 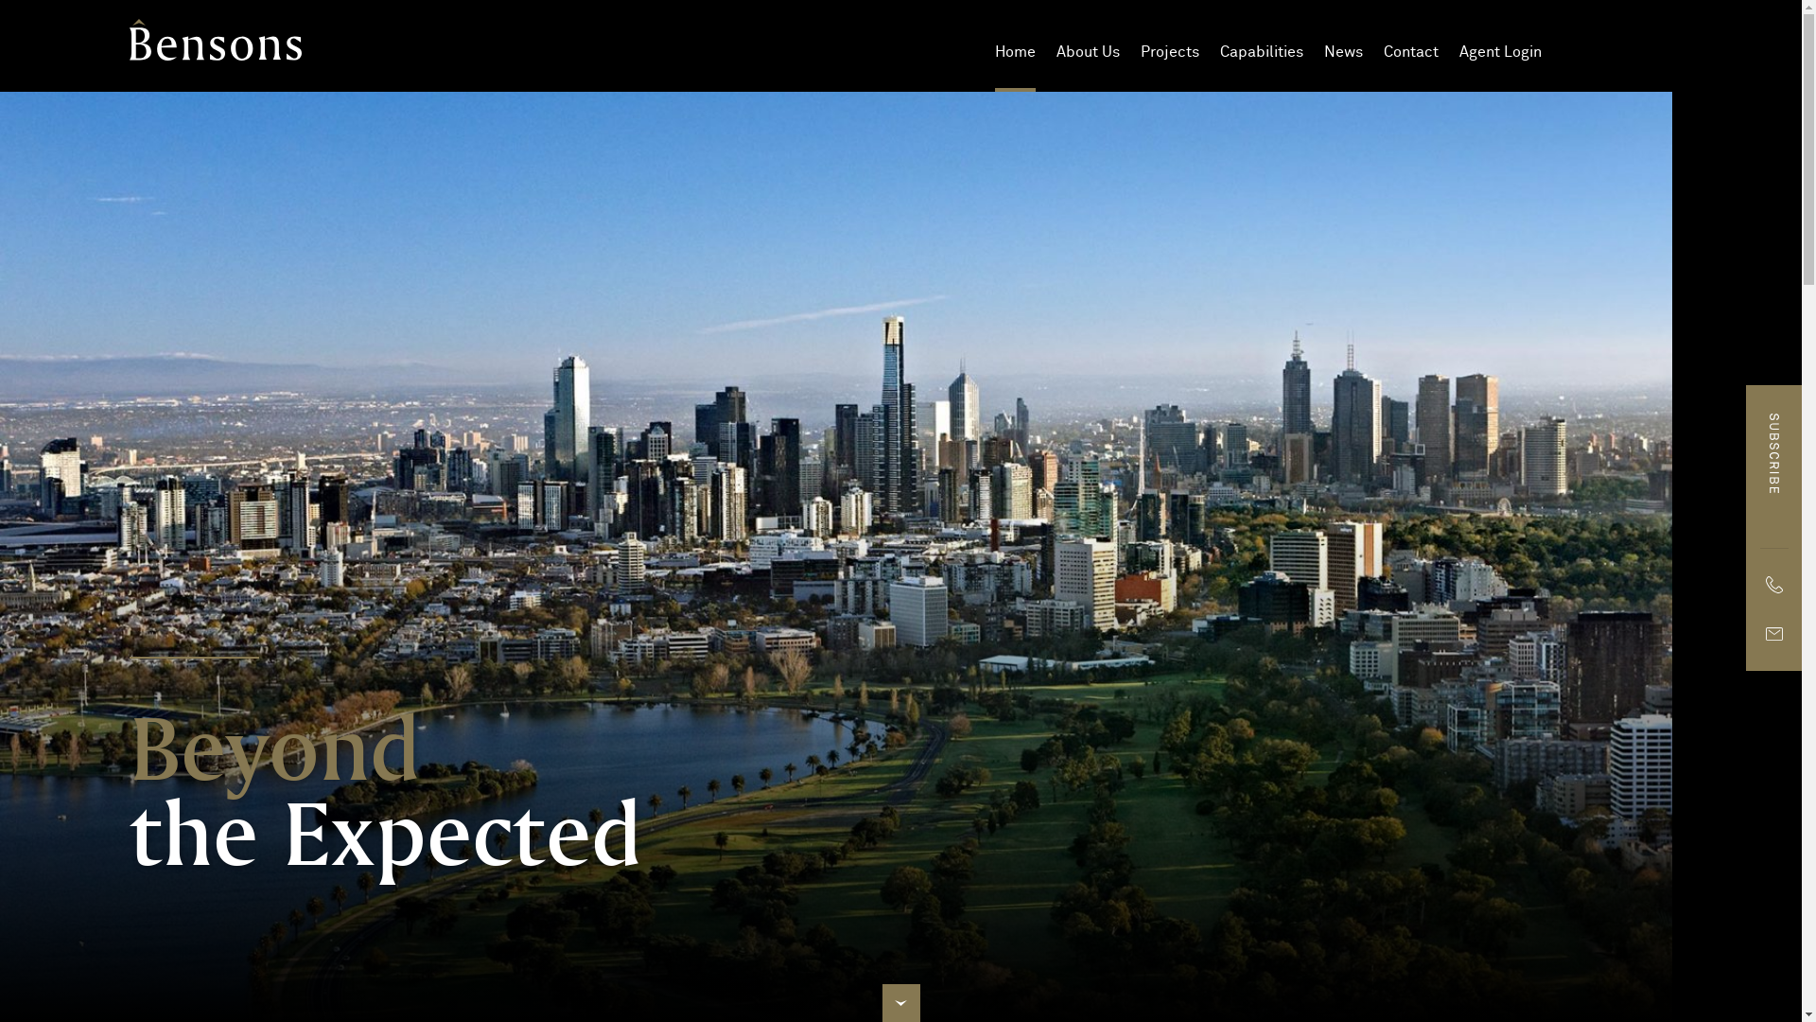 I want to click on 'Agent Login', so click(x=1499, y=50).